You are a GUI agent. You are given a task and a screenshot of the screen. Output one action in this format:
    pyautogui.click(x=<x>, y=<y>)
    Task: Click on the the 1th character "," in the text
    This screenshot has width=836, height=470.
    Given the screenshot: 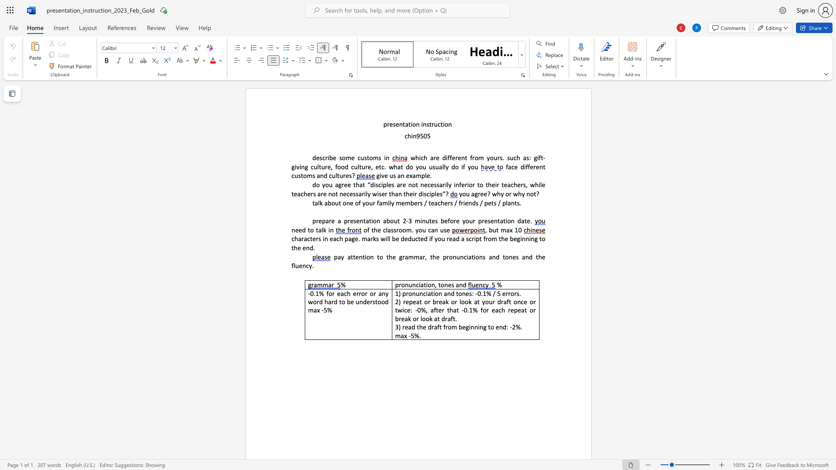 What is the action you would take?
    pyautogui.click(x=436, y=285)
    